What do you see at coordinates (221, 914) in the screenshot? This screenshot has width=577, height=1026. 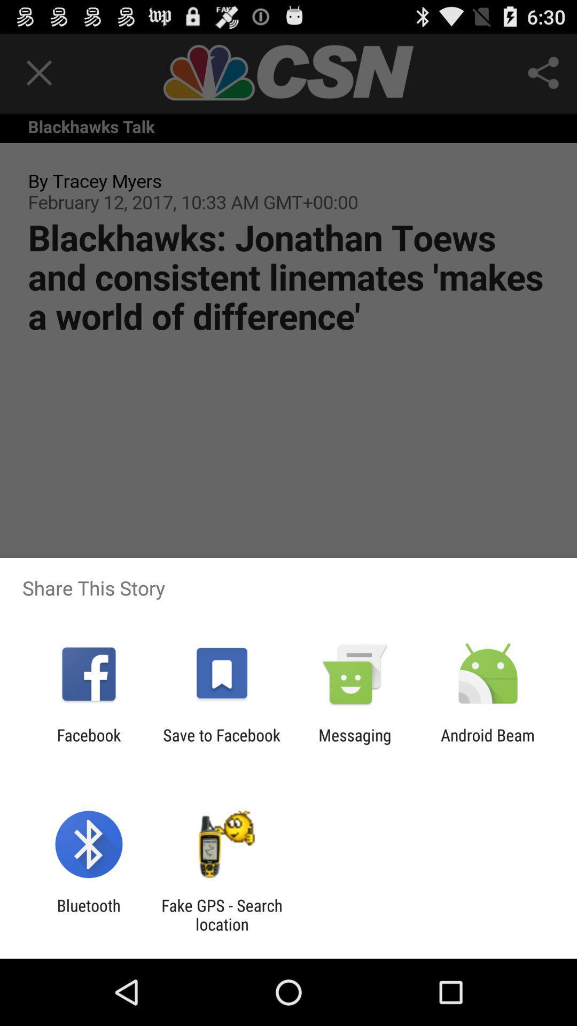 I see `item to the right of bluetooth app` at bounding box center [221, 914].